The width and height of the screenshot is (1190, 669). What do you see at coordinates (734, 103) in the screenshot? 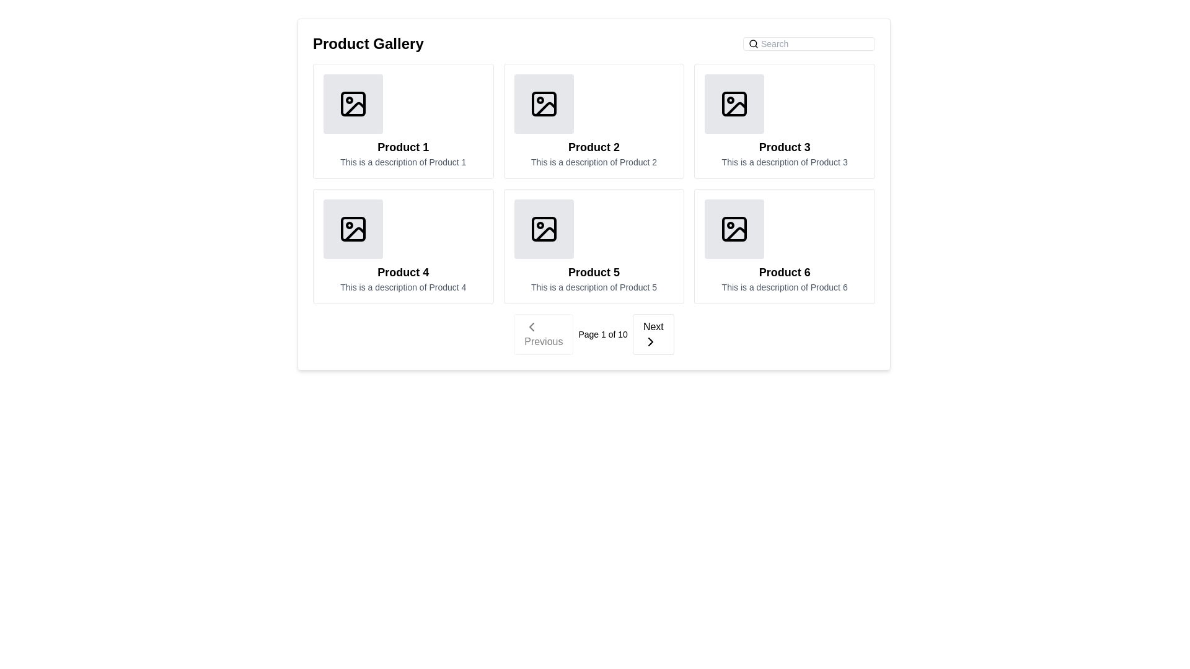
I see `the graphical placeholder component representing an image preview icon, which is a square grey area with rounded corners and an outlined image icon in the center, associated with 'Product 3' and its description` at bounding box center [734, 103].